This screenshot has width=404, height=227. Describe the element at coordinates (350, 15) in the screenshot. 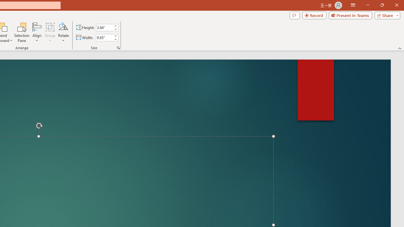

I see `'Present in Teams'` at that location.